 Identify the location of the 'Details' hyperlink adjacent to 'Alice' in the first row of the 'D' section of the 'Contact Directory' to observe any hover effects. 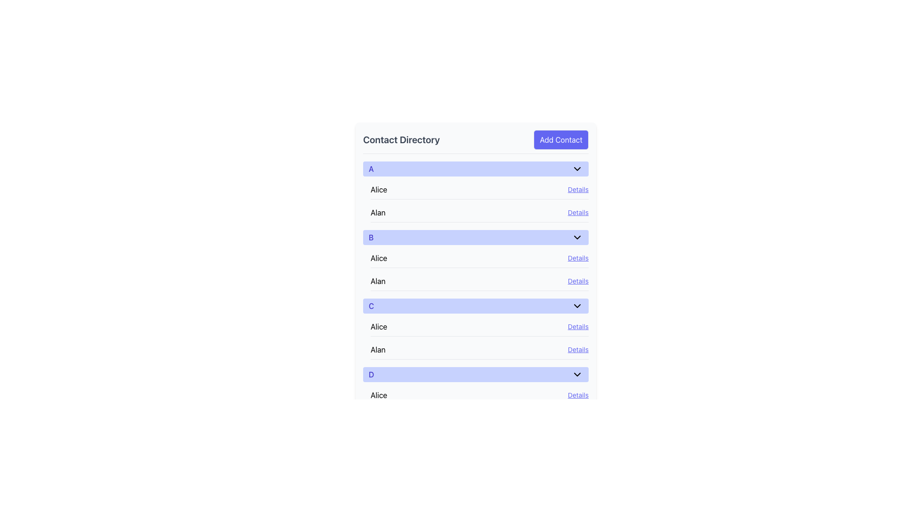
(475, 398).